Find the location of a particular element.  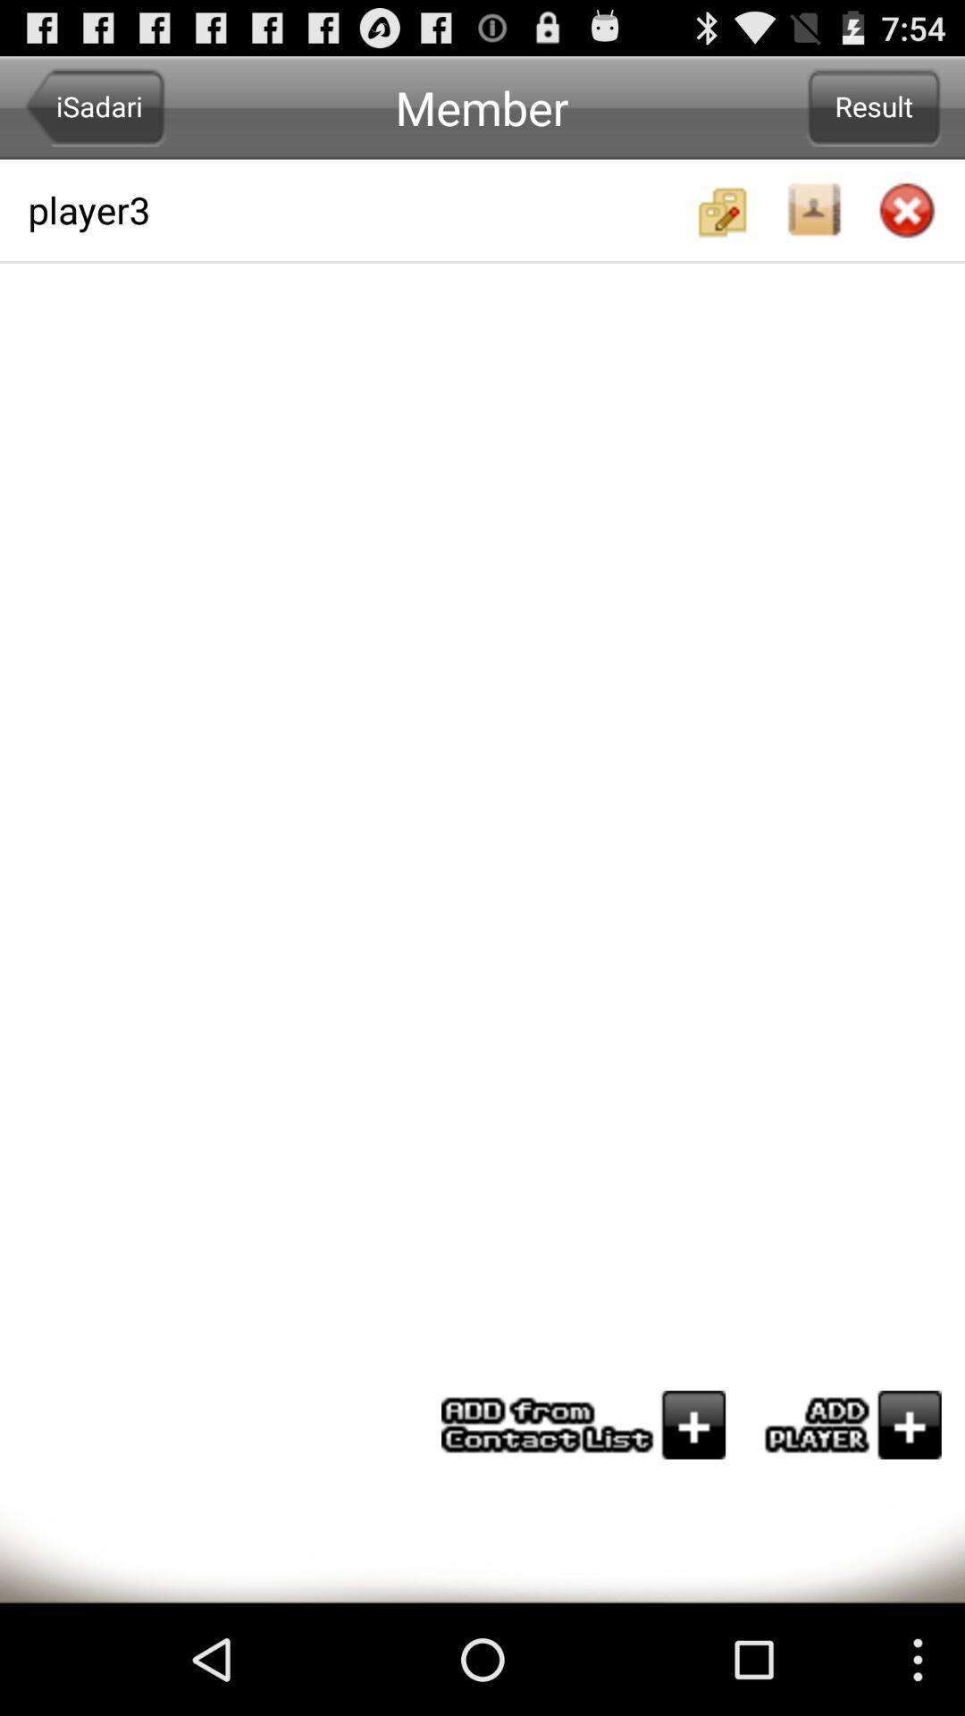

player button is located at coordinates (844, 1424).